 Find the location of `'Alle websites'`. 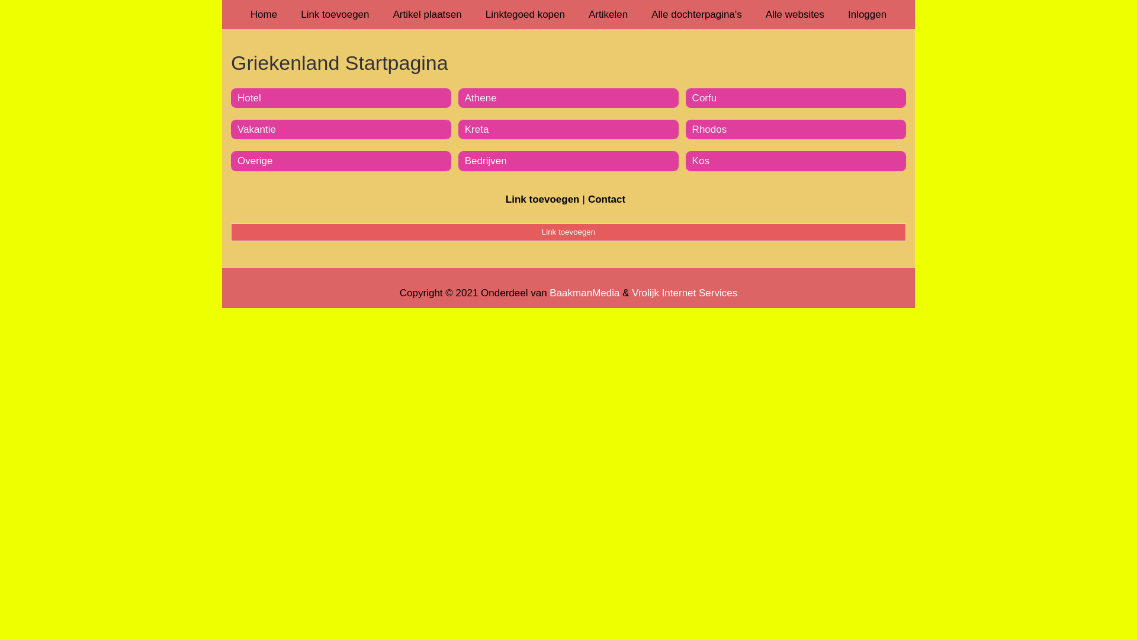

'Alle websites' is located at coordinates (795, 14).